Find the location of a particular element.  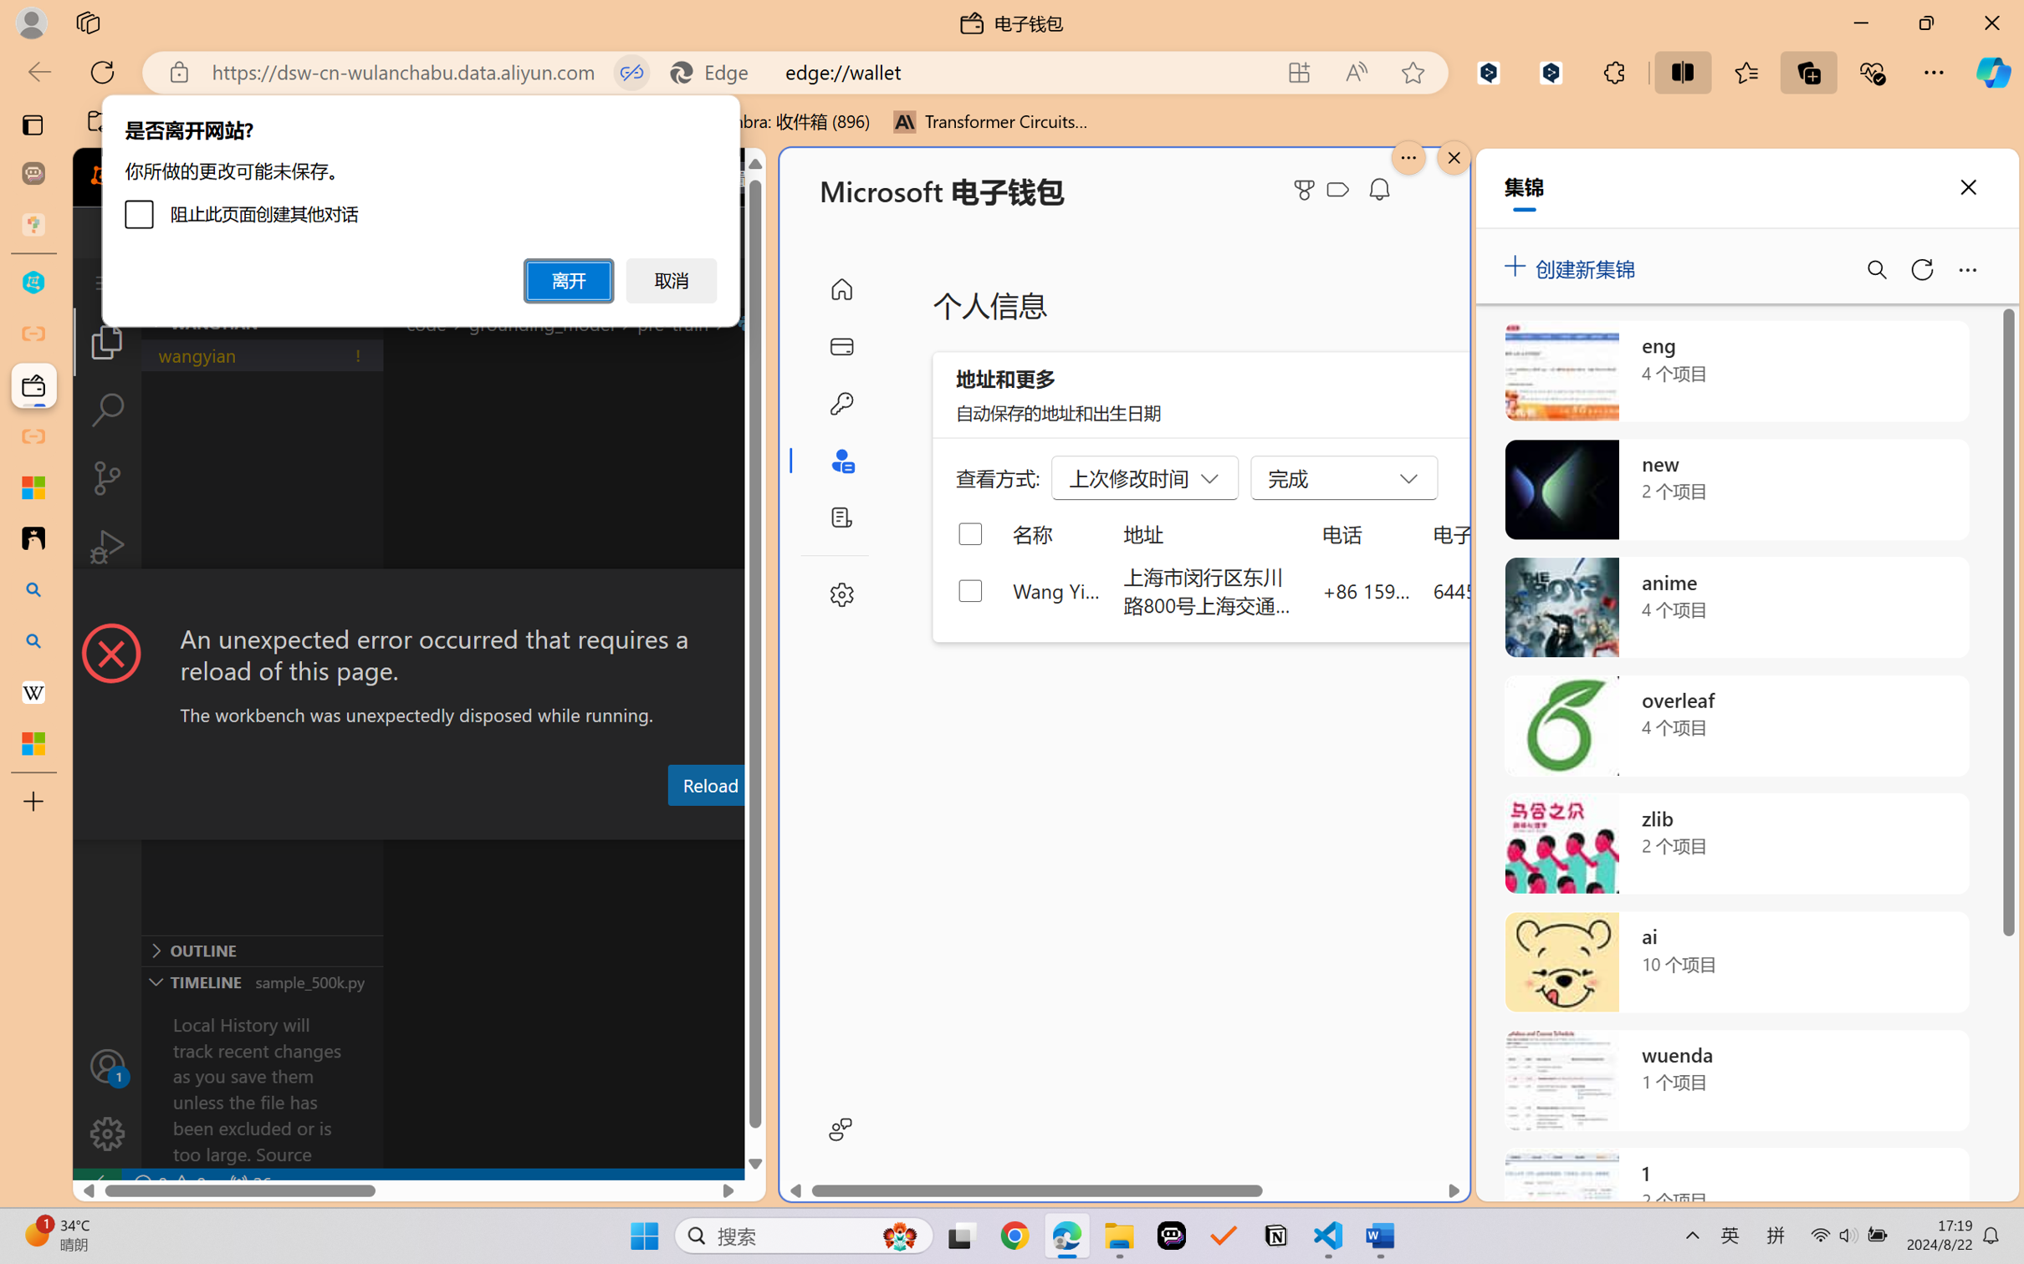

'Run and Debug (Ctrl+Shift+D)' is located at coordinates (106, 546).